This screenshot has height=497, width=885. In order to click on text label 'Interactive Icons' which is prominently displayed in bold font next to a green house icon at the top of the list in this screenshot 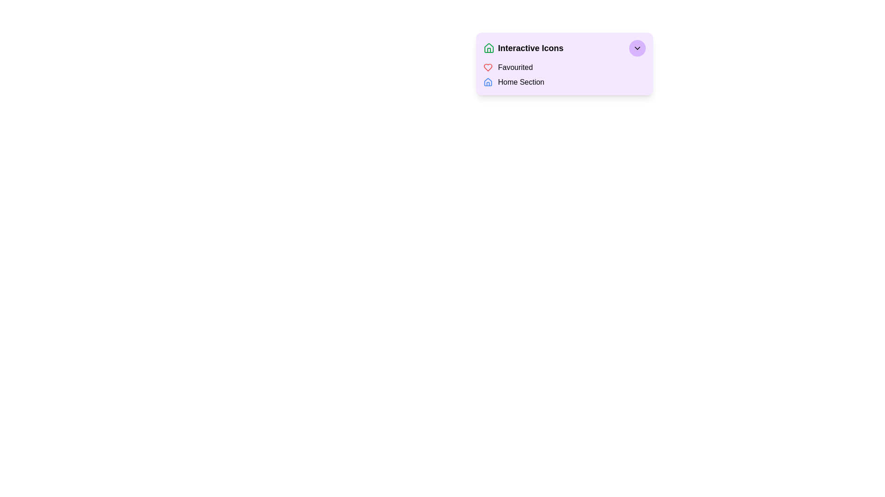, I will do `click(531, 48)`.